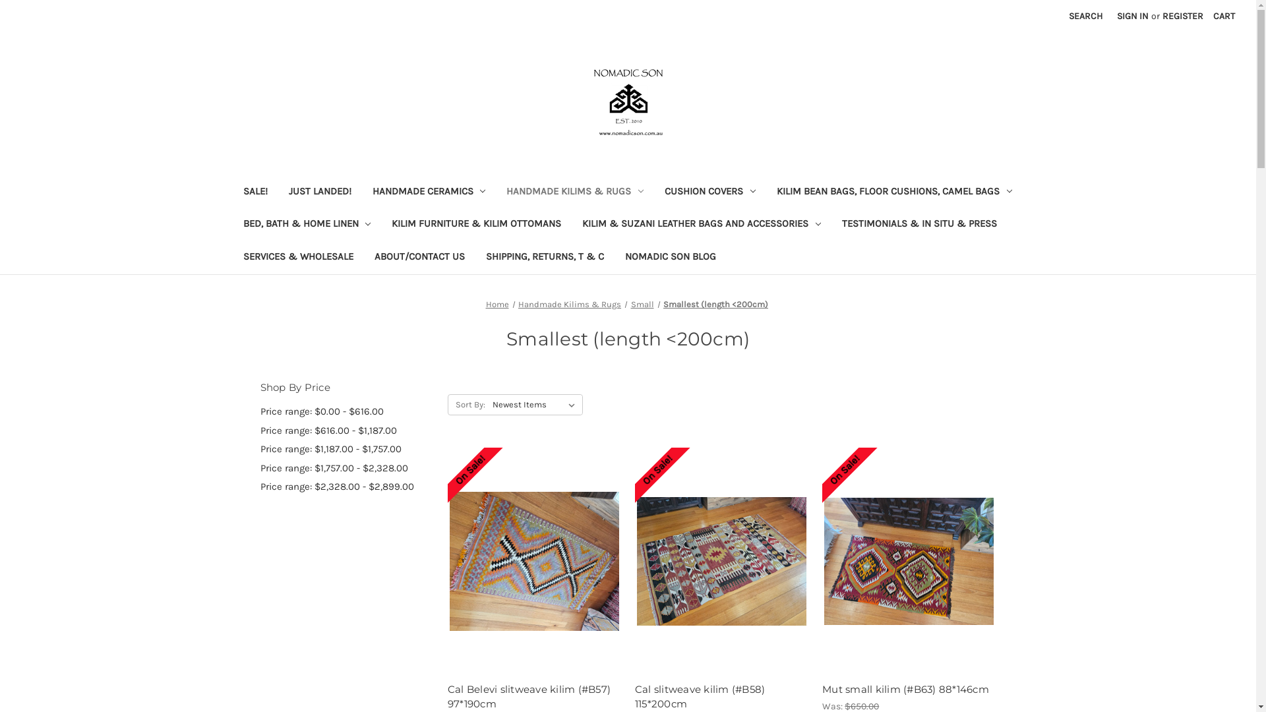 This screenshot has width=1266, height=712. Describe the element at coordinates (496, 304) in the screenshot. I see `'Home'` at that location.